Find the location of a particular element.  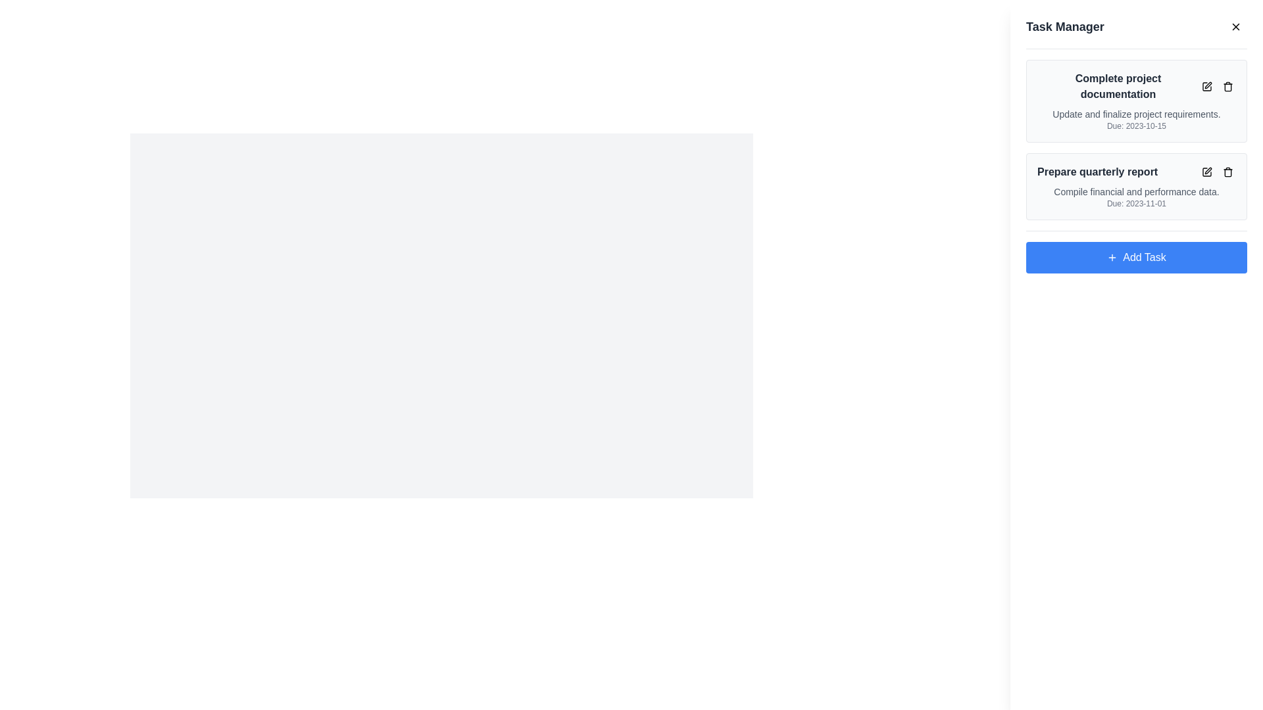

the Label within the Button that indicates adding a new task, located near the bottom of the sidebar, slightly to the right of the '+' icon is located at coordinates (1143, 258).